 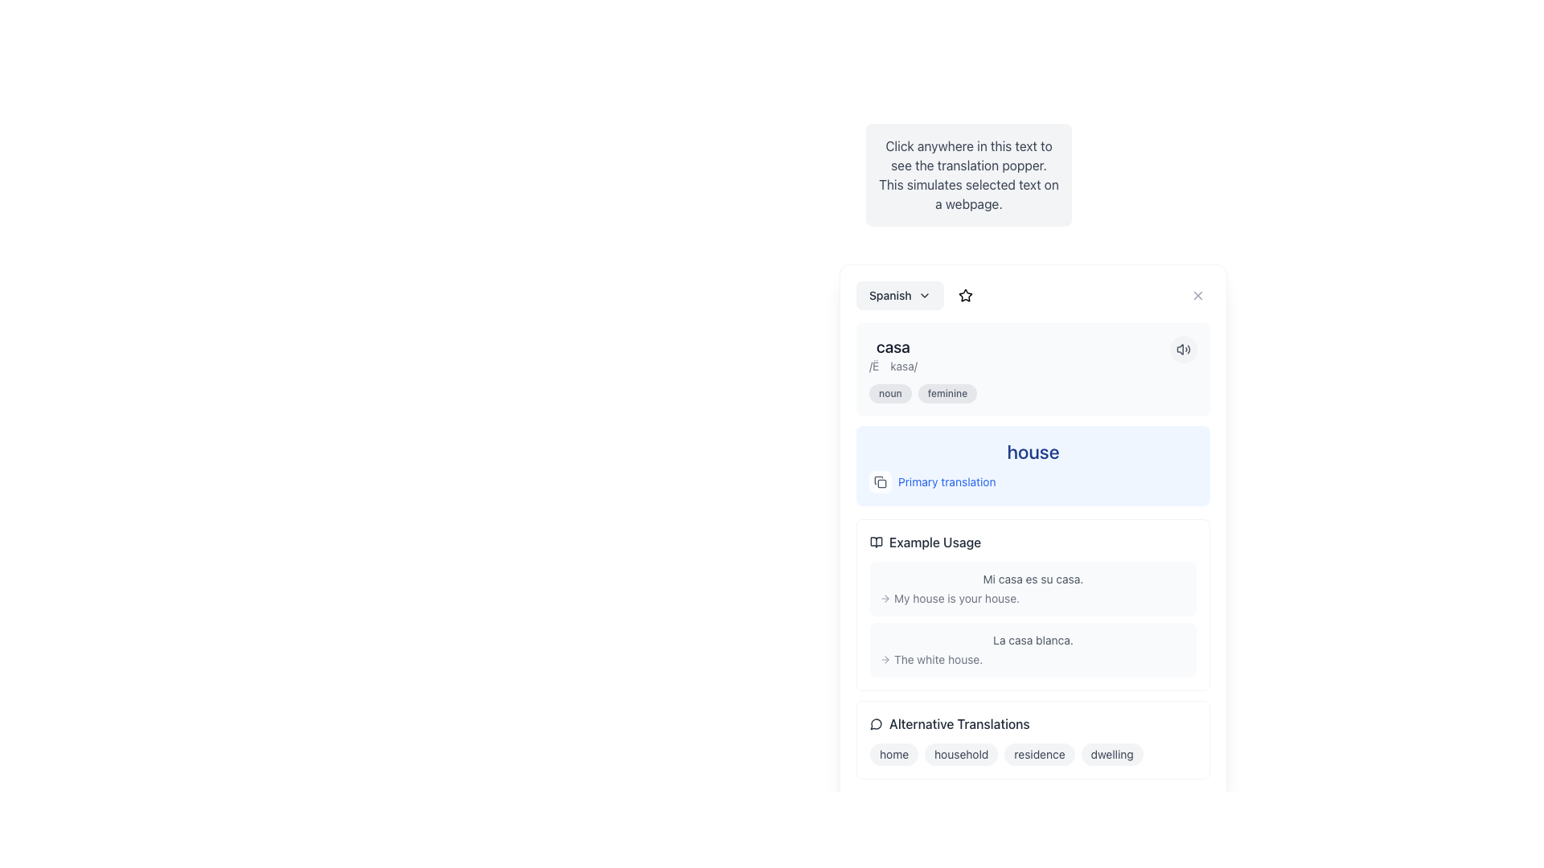 I want to click on the links or icons within the Informational display box that presents example sentences demonstrating the usage of a word or phrase in context, positioned above the section titled 'Alternative Translations', so click(x=1033, y=604).